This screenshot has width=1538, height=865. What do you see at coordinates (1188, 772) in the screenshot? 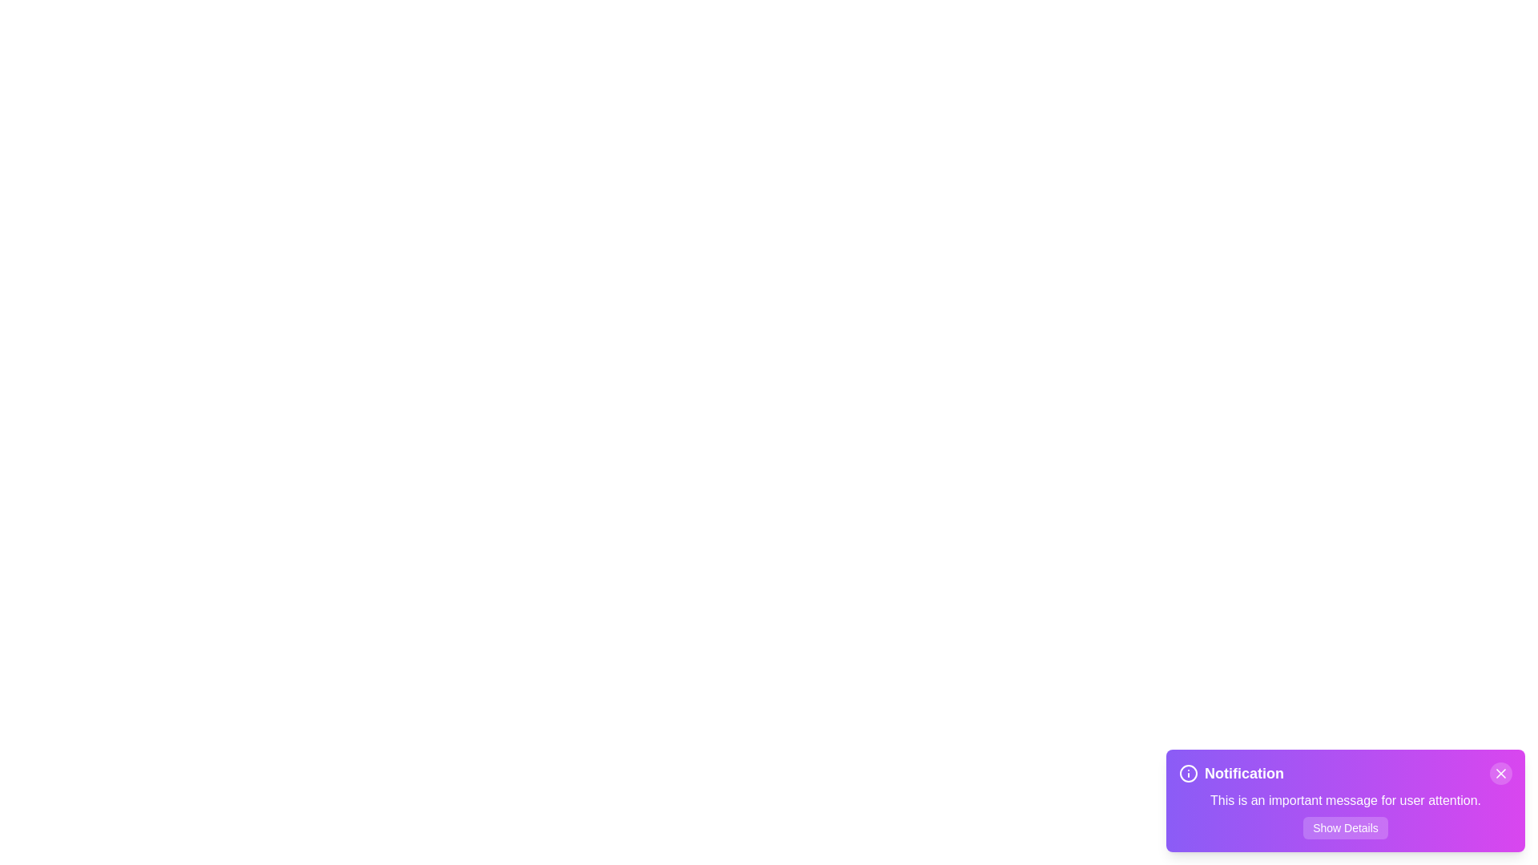
I see `the information icon to examine its properties` at bounding box center [1188, 772].